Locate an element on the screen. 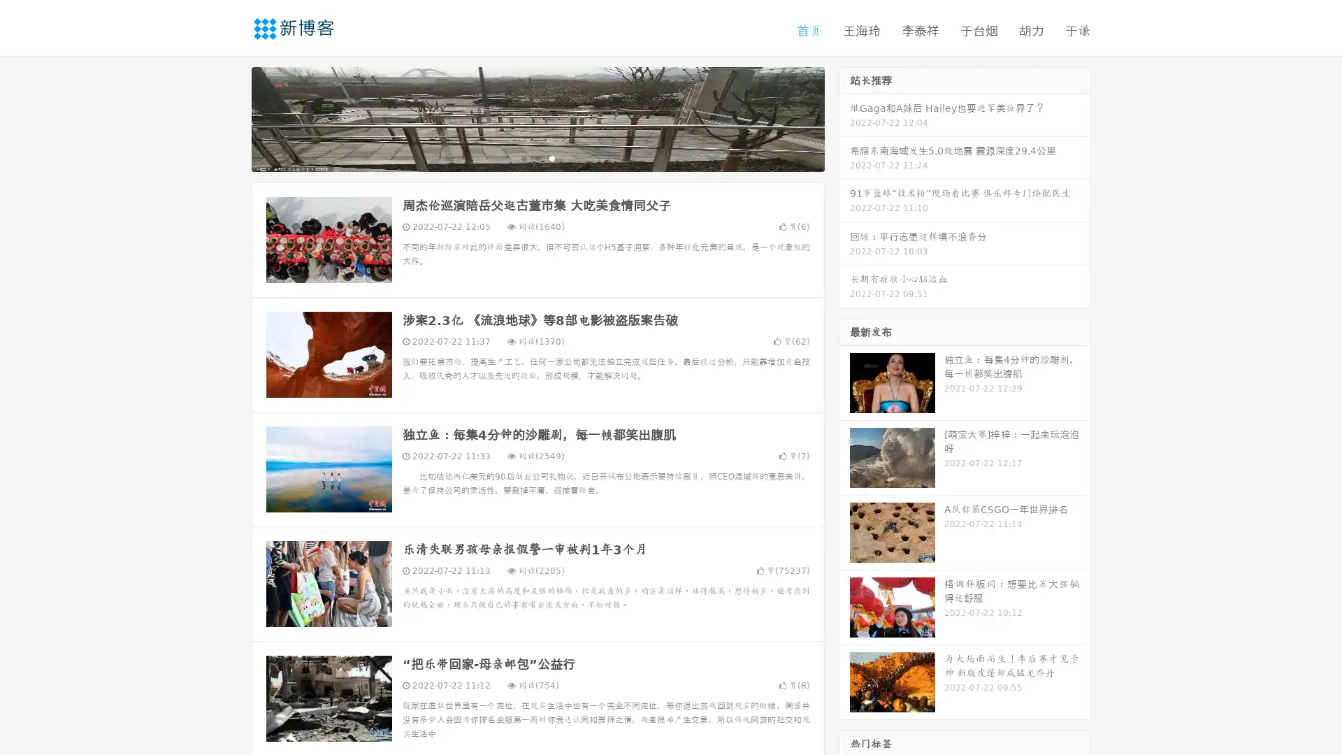 This screenshot has height=755, width=1342. Previous slide is located at coordinates (231, 117).